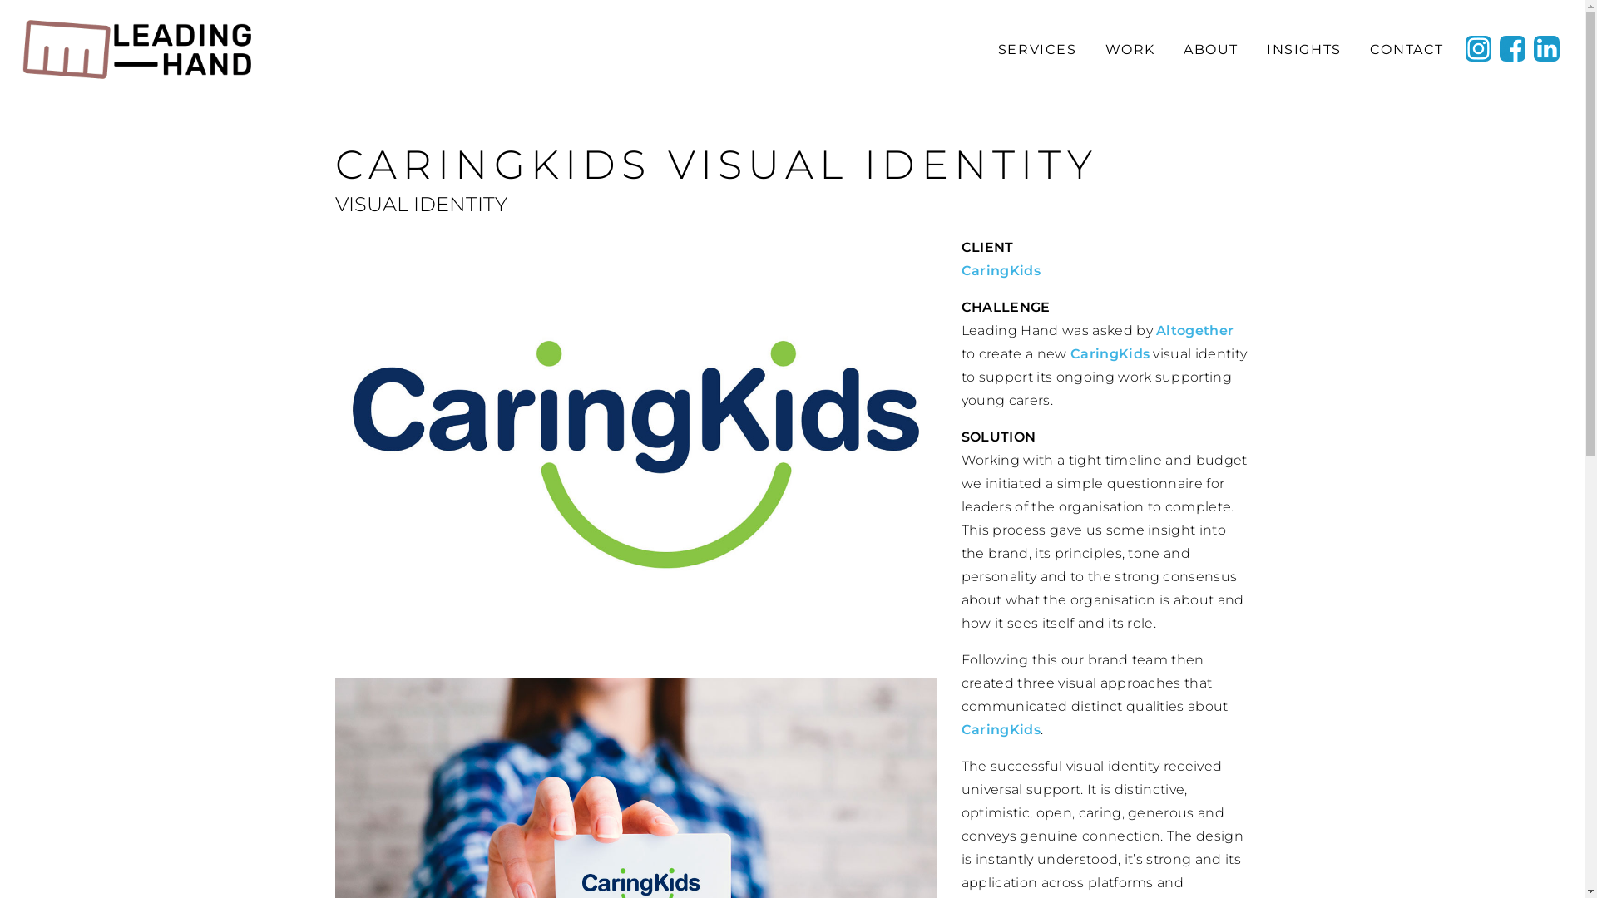 The image size is (1597, 898). I want to click on 'CONTACT', so click(1405, 48).